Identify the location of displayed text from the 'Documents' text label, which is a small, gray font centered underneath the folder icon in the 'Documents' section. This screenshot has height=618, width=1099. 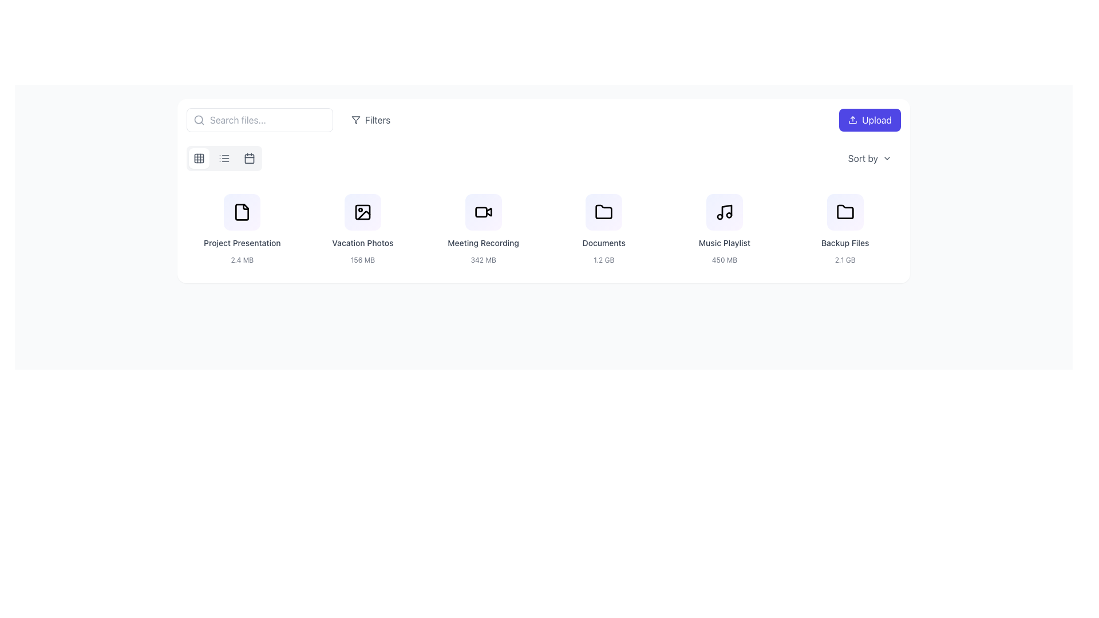
(603, 242).